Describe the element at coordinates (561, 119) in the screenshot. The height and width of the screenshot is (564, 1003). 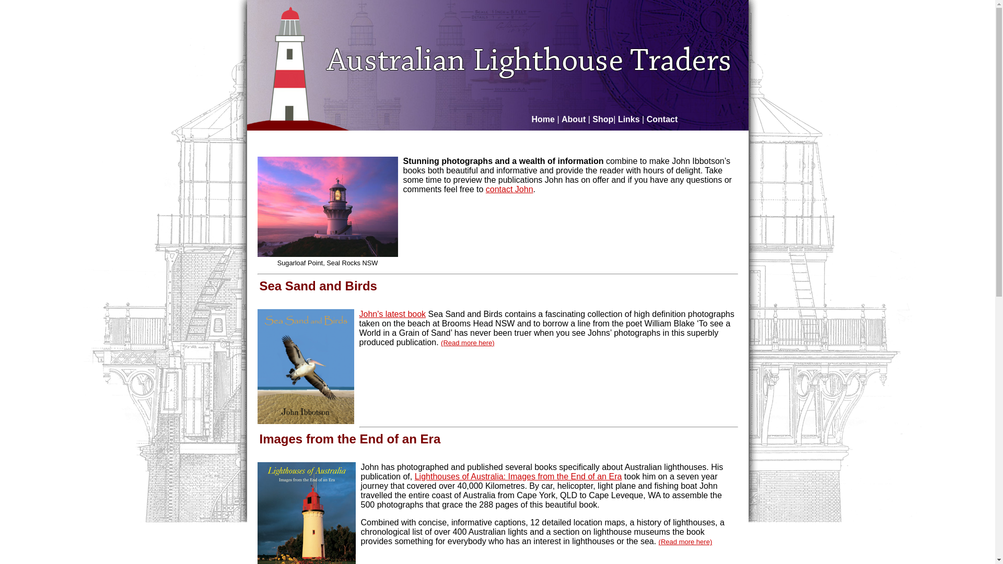
I see `'About'` at that location.